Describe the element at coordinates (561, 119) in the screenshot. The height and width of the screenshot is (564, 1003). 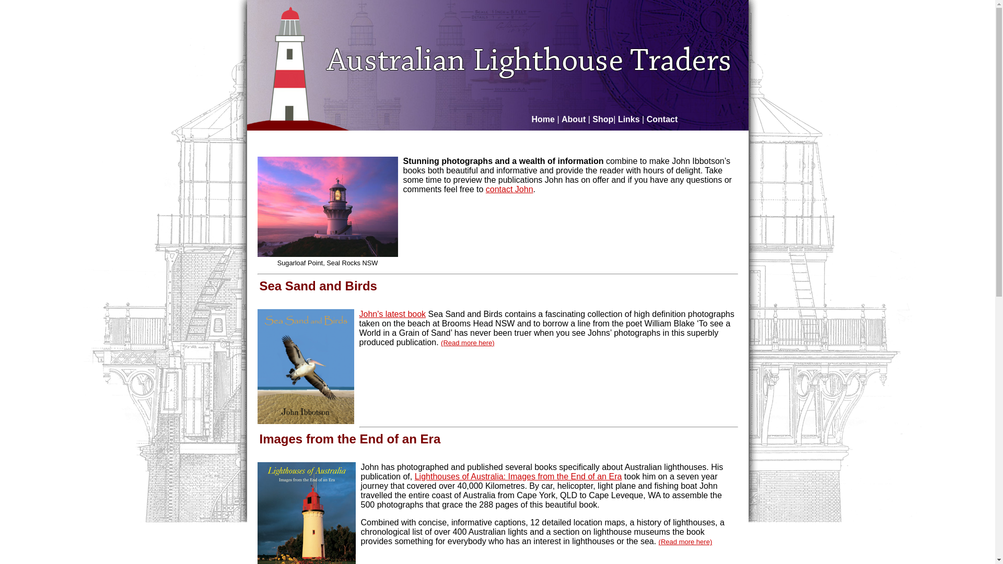
I see `'About'` at that location.